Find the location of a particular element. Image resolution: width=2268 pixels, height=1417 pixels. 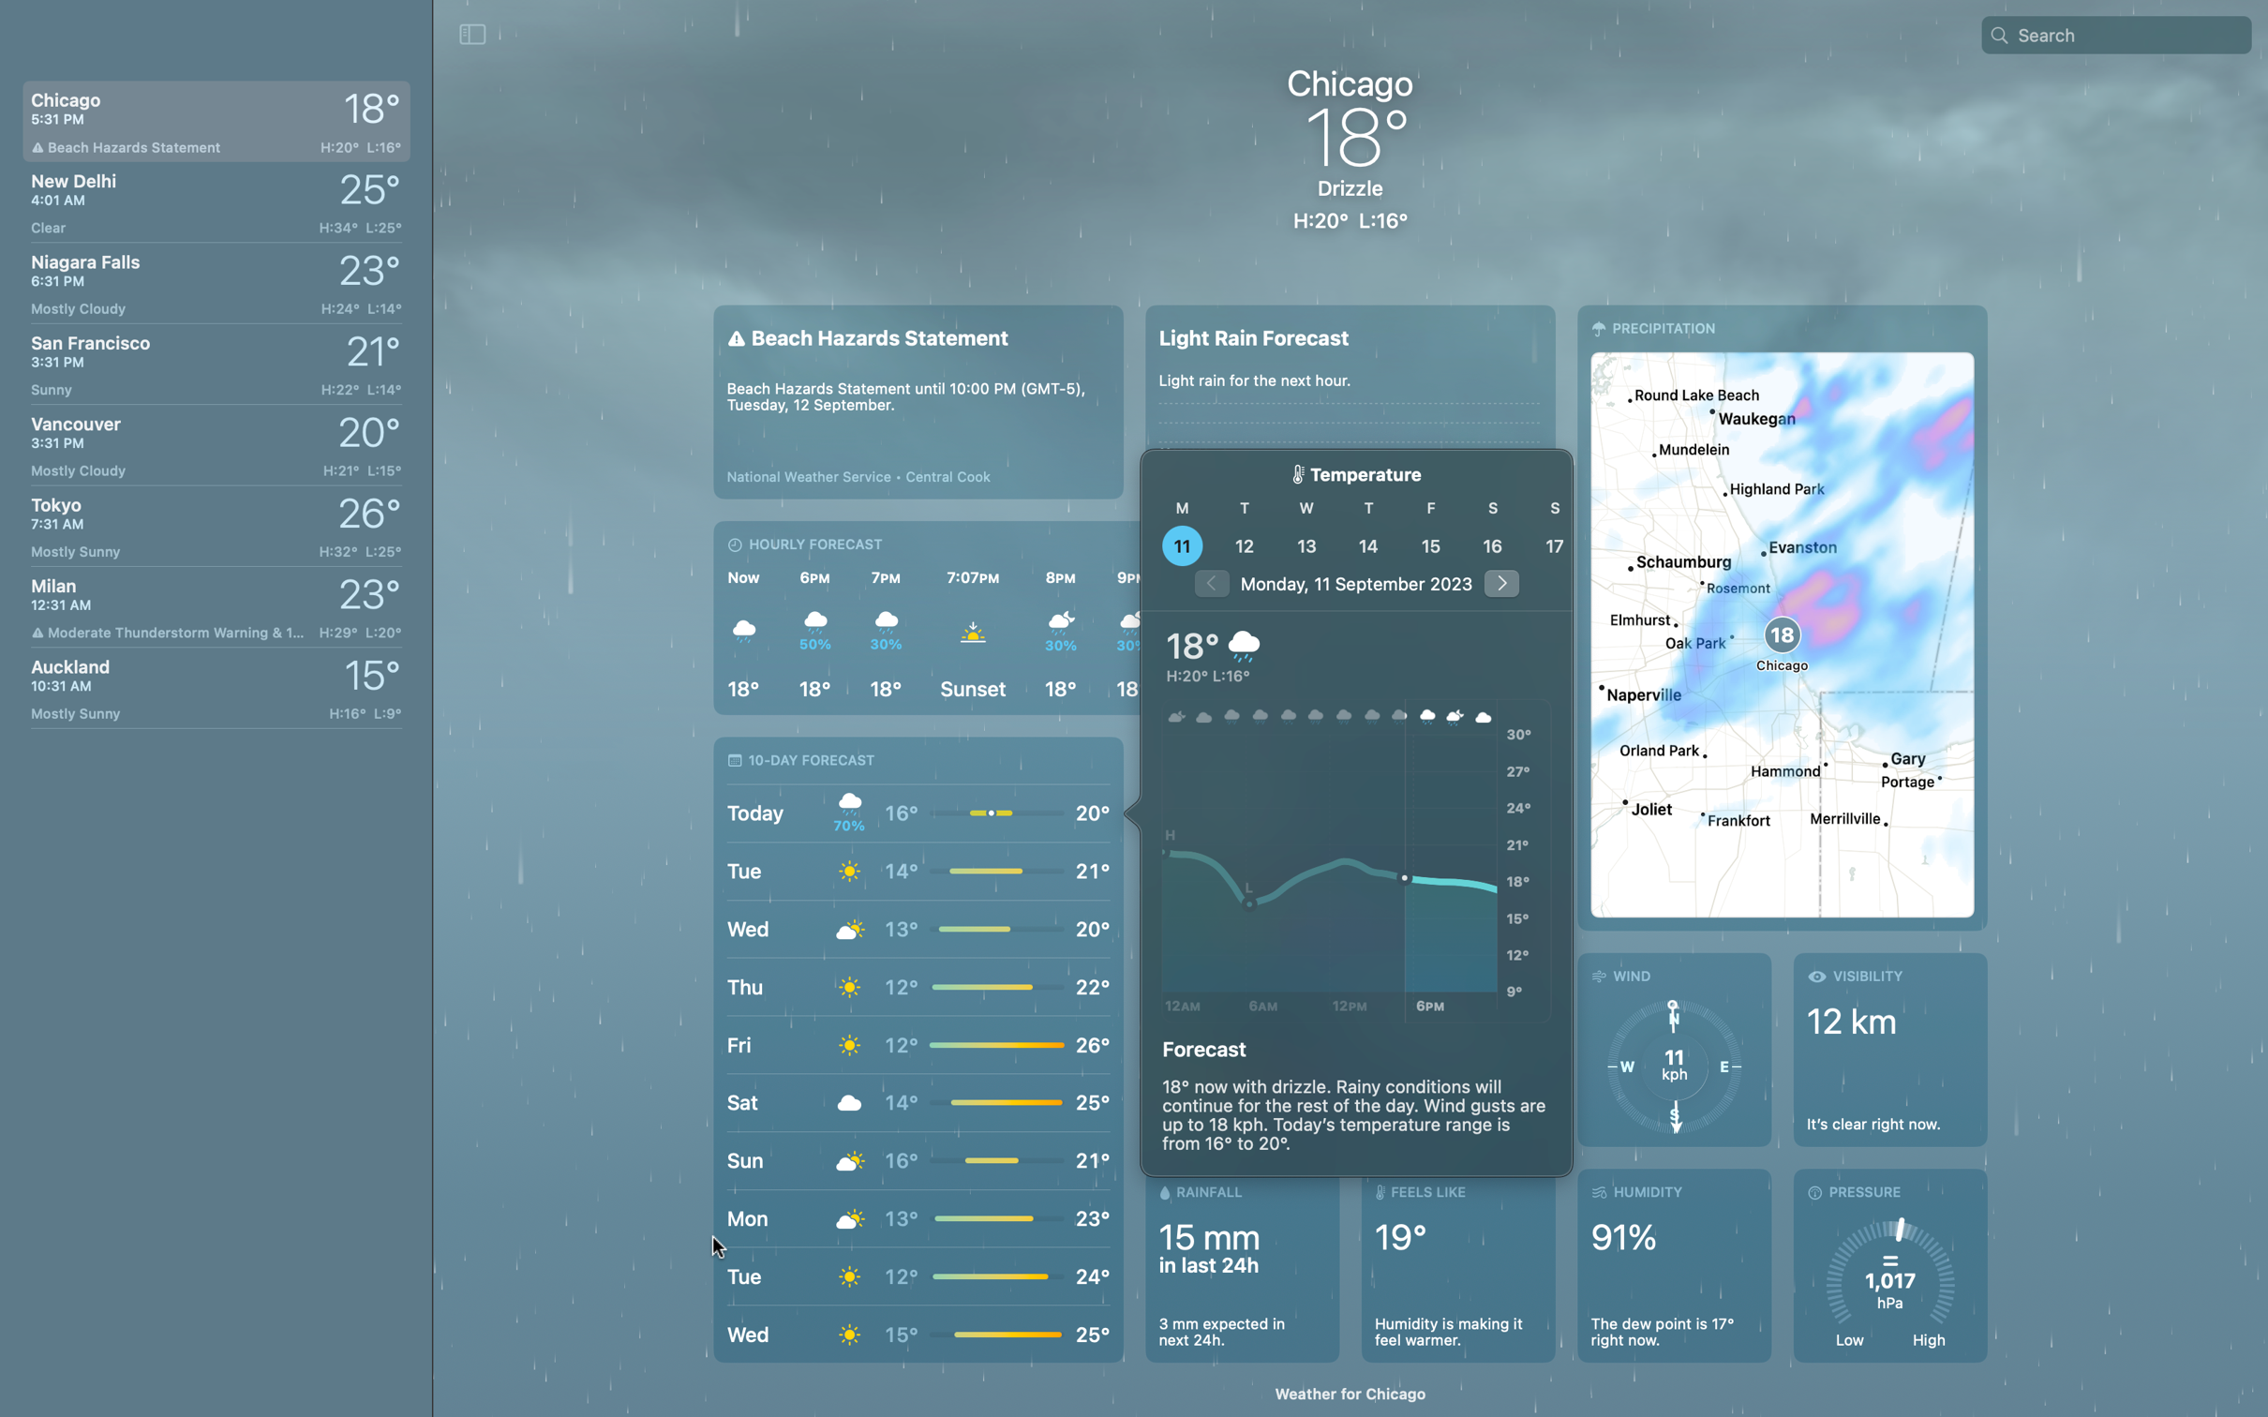

See the weather report in New Delhi is located at coordinates (215, 199).